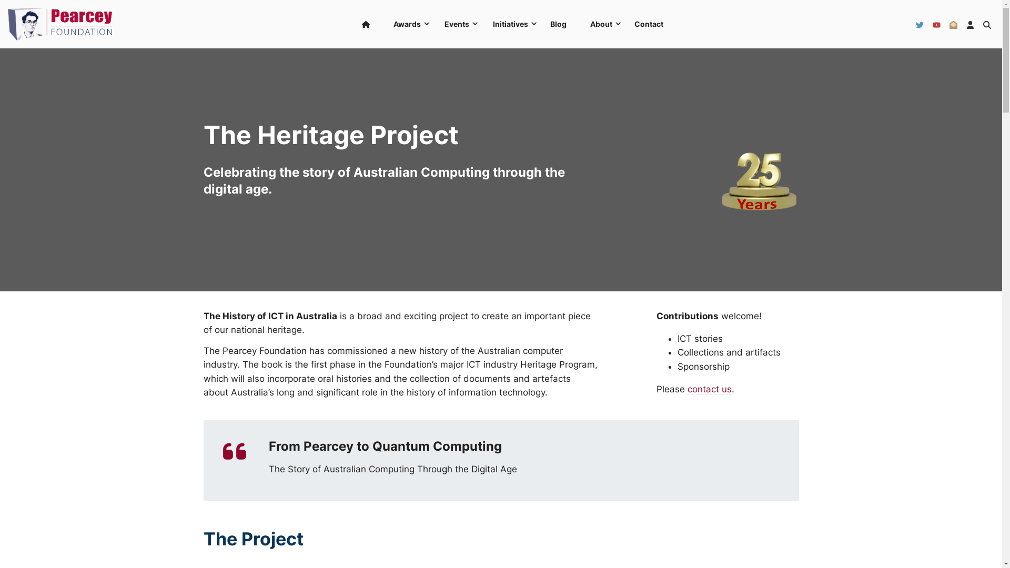  What do you see at coordinates (953, 24) in the screenshot?
I see `'Email'` at bounding box center [953, 24].